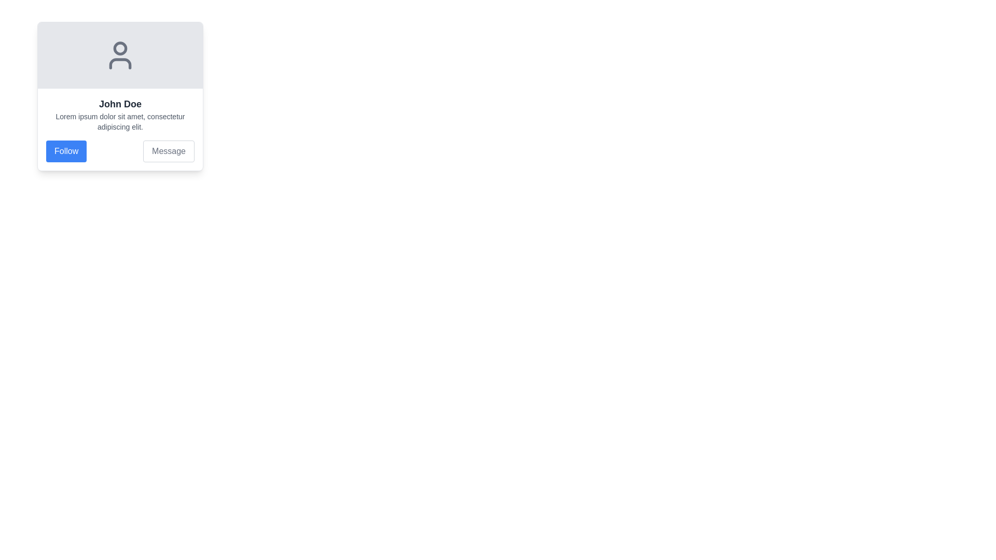  What do you see at coordinates (120, 104) in the screenshot?
I see `the static text displaying 'John Doe' styled in bold and large font within the user profile card, located beneath the user icon` at bounding box center [120, 104].